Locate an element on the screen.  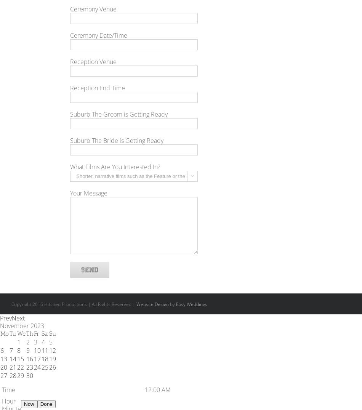
'Suburb The Groom is Getting Ready' is located at coordinates (118, 114).